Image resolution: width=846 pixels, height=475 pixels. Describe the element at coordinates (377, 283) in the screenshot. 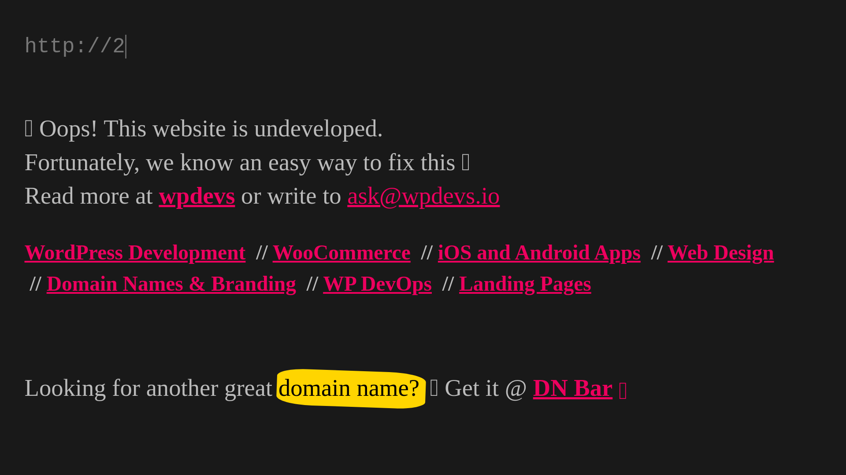

I see `'WP DevOps'` at that location.